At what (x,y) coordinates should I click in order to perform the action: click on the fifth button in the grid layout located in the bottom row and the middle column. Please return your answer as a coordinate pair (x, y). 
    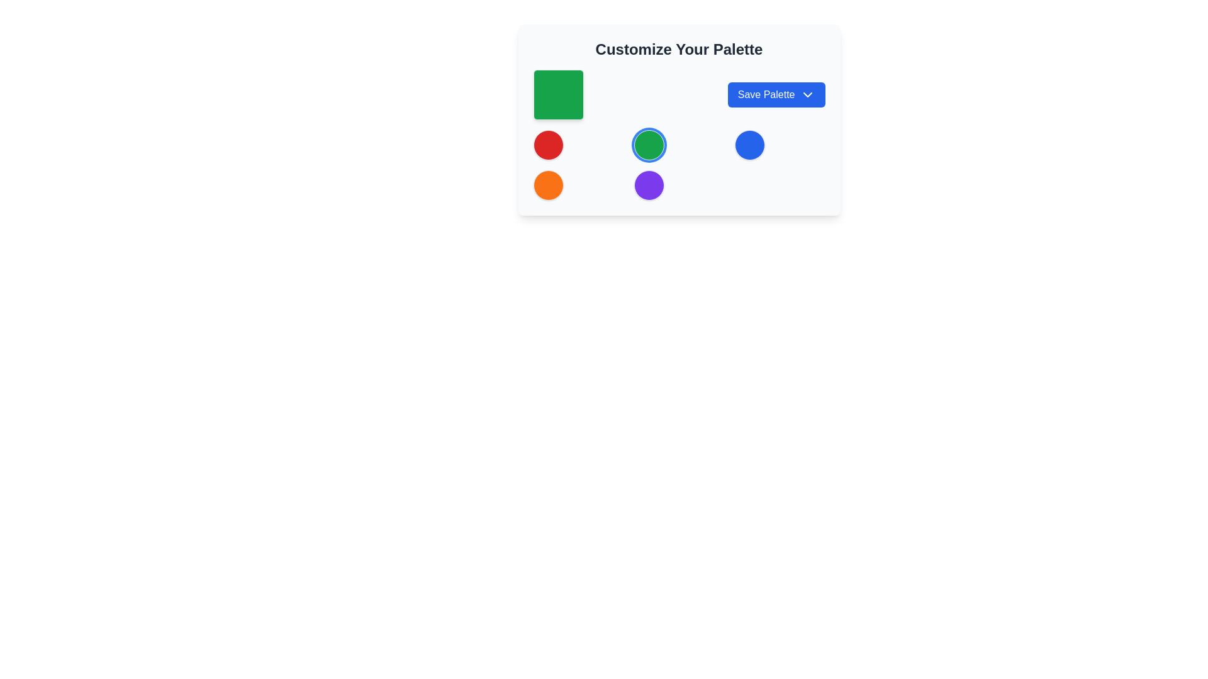
    Looking at the image, I should click on (649, 185).